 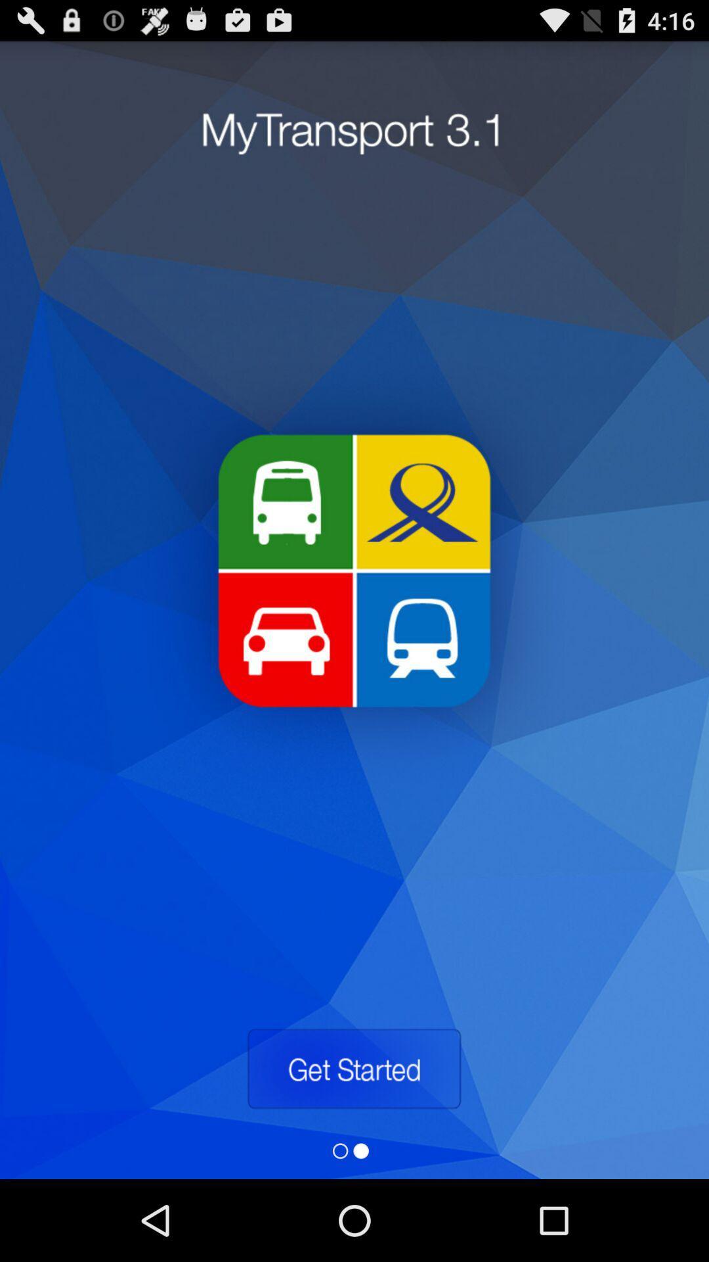 What do you see at coordinates (353, 1069) in the screenshot?
I see `start` at bounding box center [353, 1069].